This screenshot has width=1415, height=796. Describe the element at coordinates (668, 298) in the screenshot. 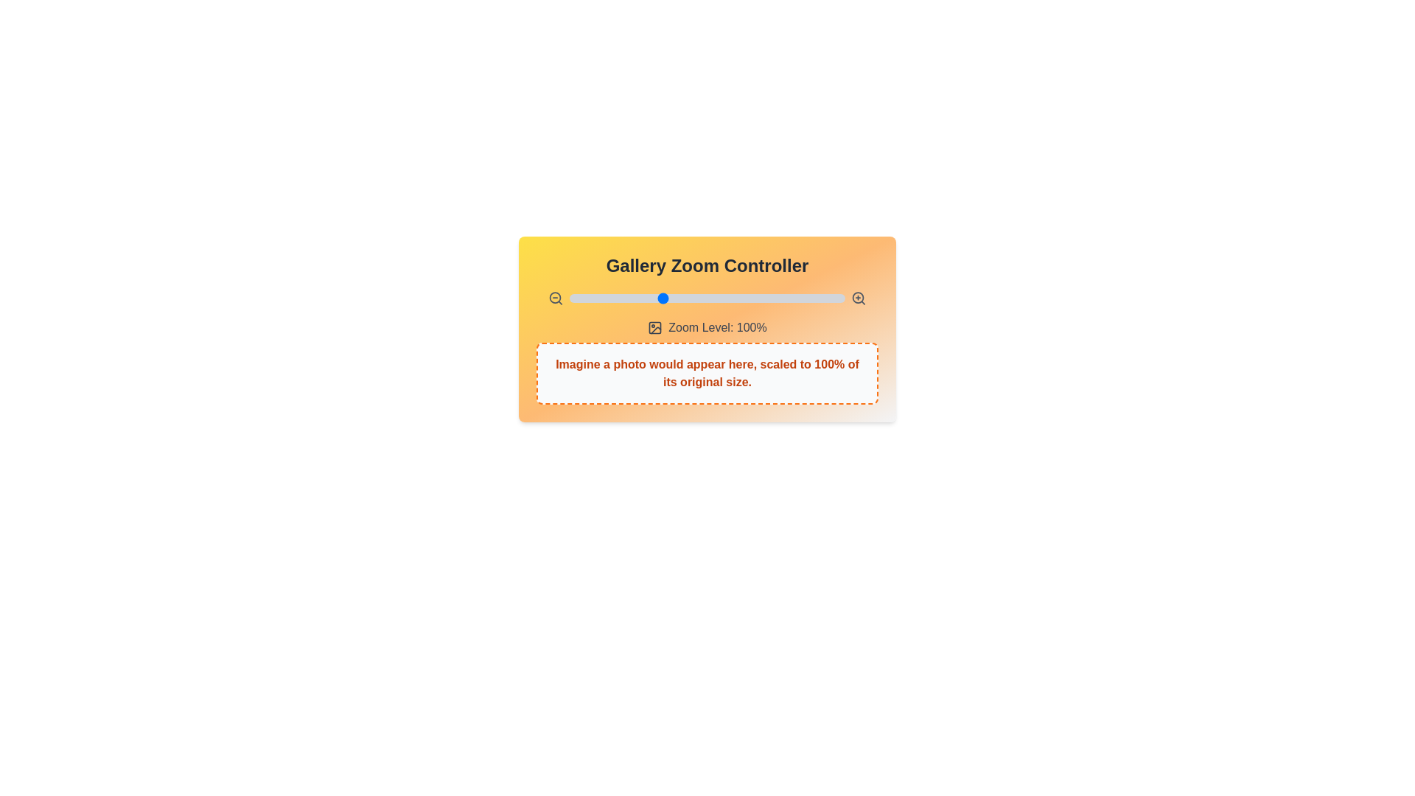

I see `the zoom level to 104% by interacting with the slider` at that location.